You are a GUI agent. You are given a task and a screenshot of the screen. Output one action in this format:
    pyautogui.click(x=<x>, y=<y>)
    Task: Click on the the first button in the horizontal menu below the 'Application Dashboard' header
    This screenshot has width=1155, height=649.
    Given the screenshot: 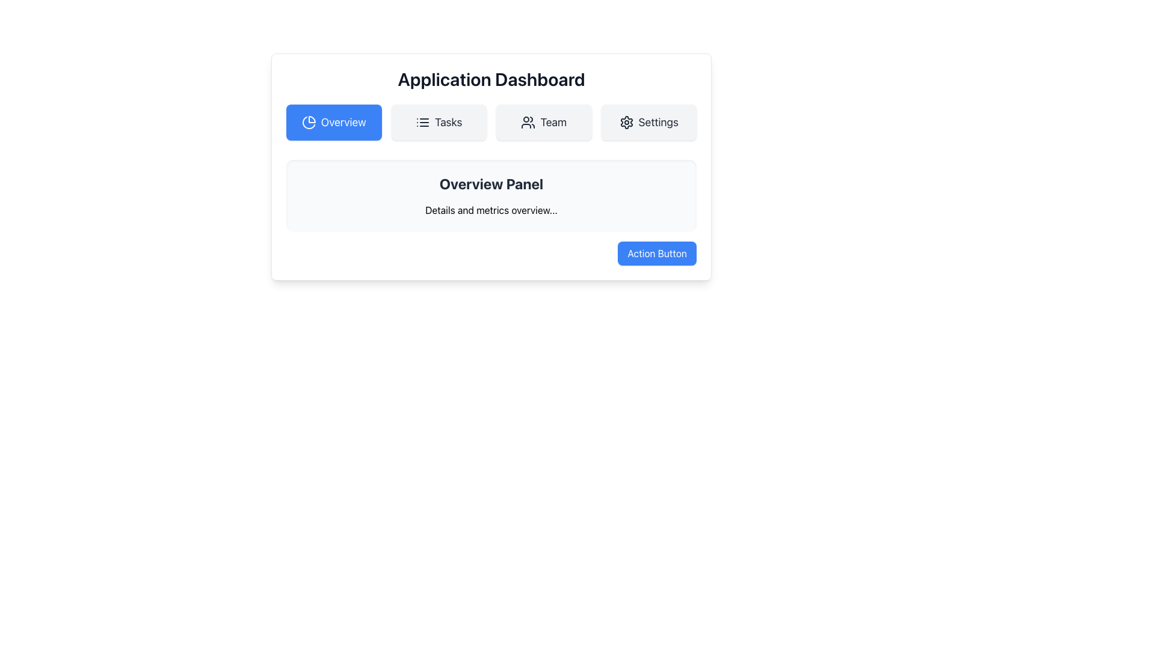 What is the action you would take?
    pyautogui.click(x=334, y=123)
    